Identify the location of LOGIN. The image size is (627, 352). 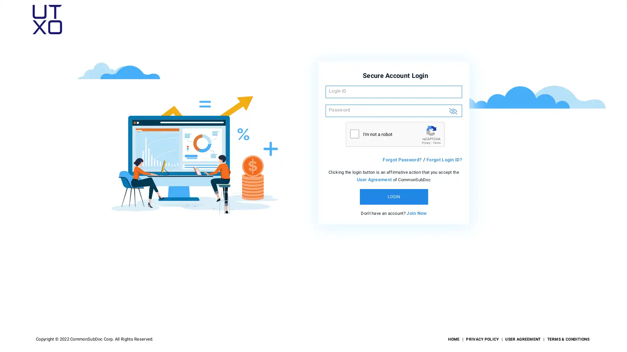
(393, 196).